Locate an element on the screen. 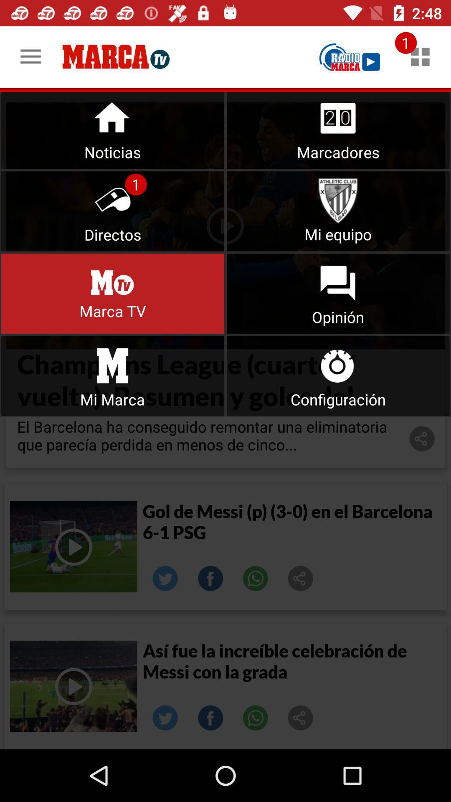  image is located at coordinates (301, 578).